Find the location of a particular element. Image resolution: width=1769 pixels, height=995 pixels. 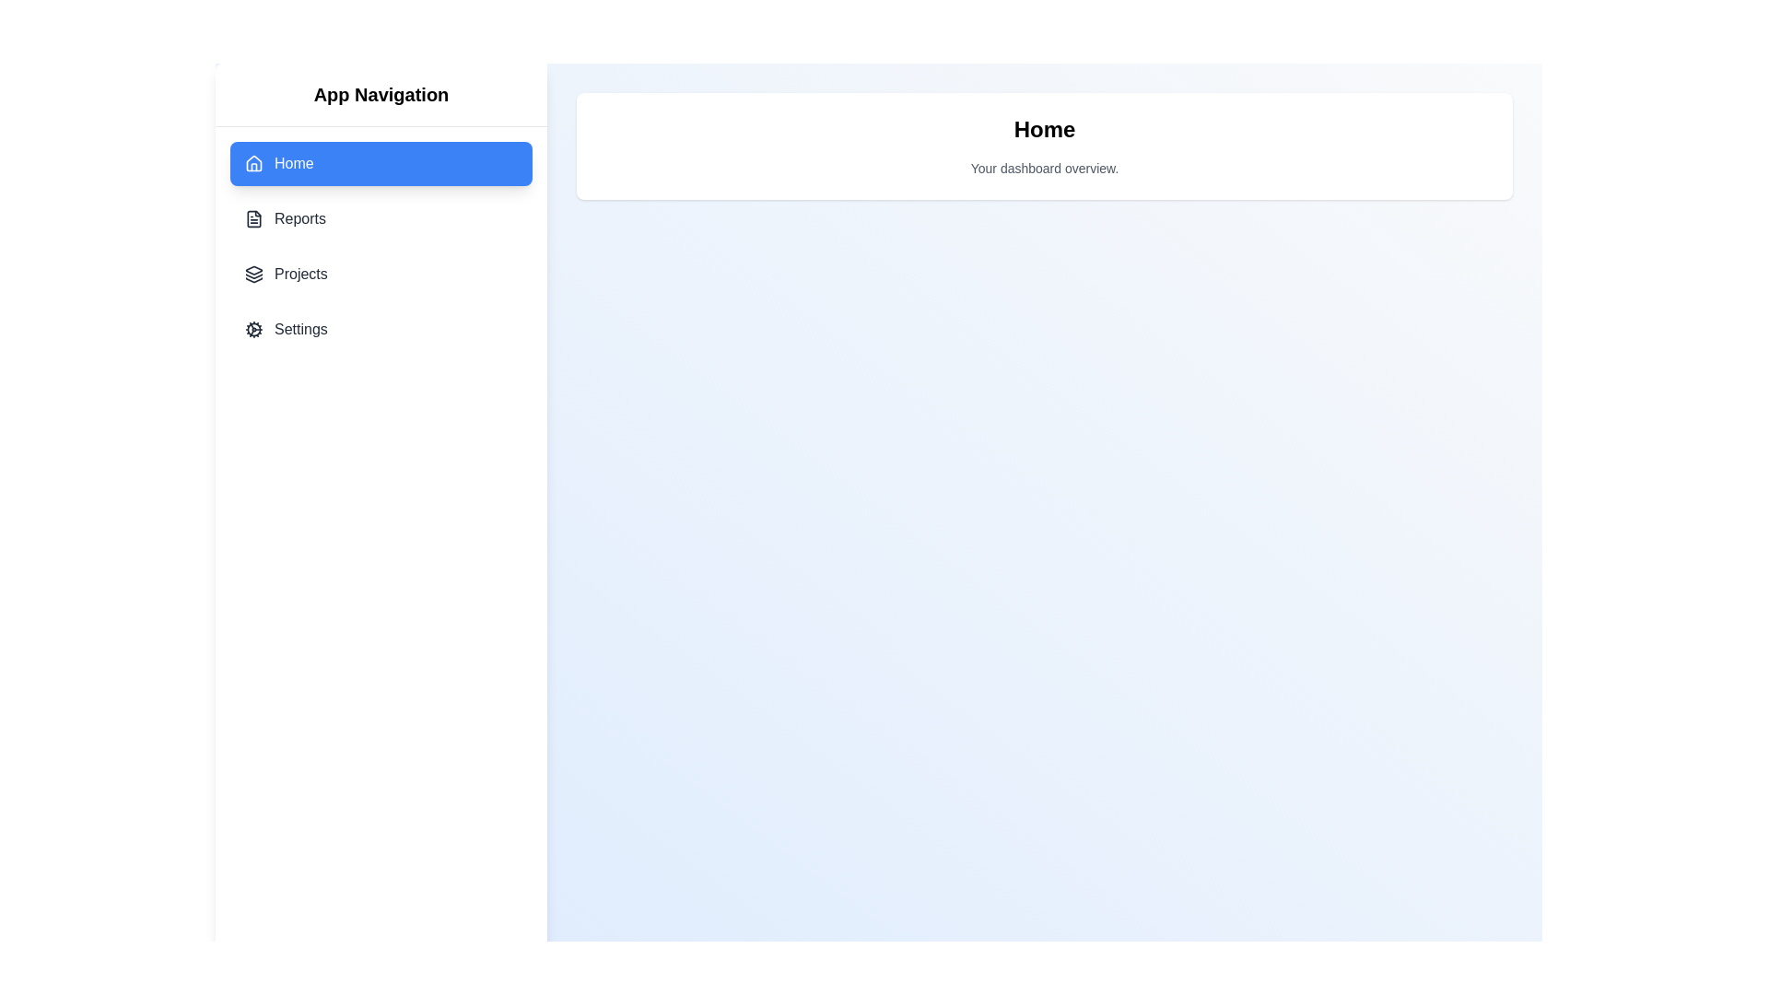

the menu item Settings to inspect its tooltip effect is located at coordinates (380, 329).